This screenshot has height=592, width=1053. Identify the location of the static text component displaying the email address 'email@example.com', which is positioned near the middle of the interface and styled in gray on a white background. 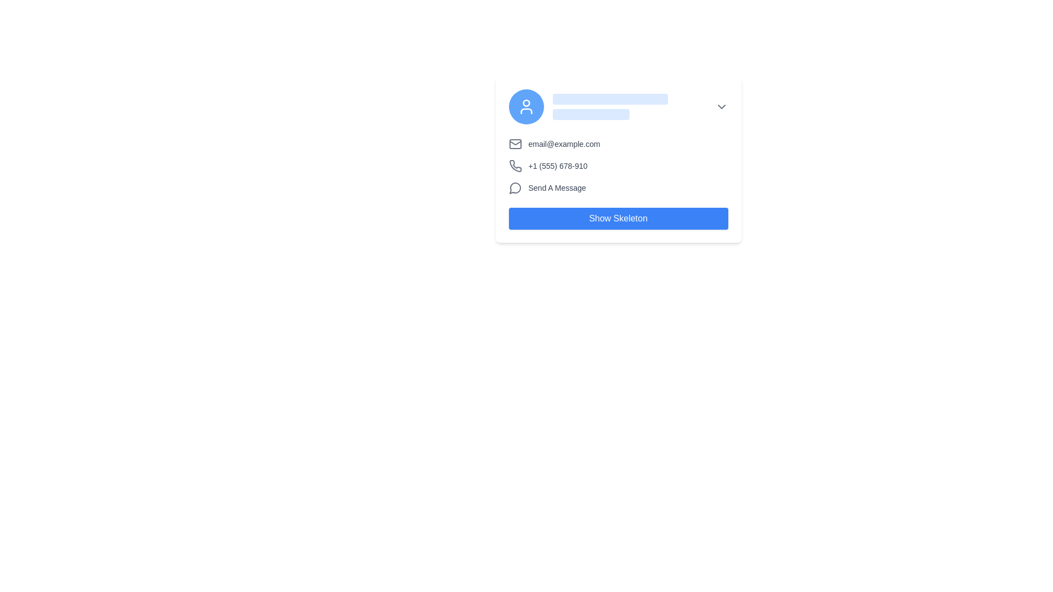
(564, 143).